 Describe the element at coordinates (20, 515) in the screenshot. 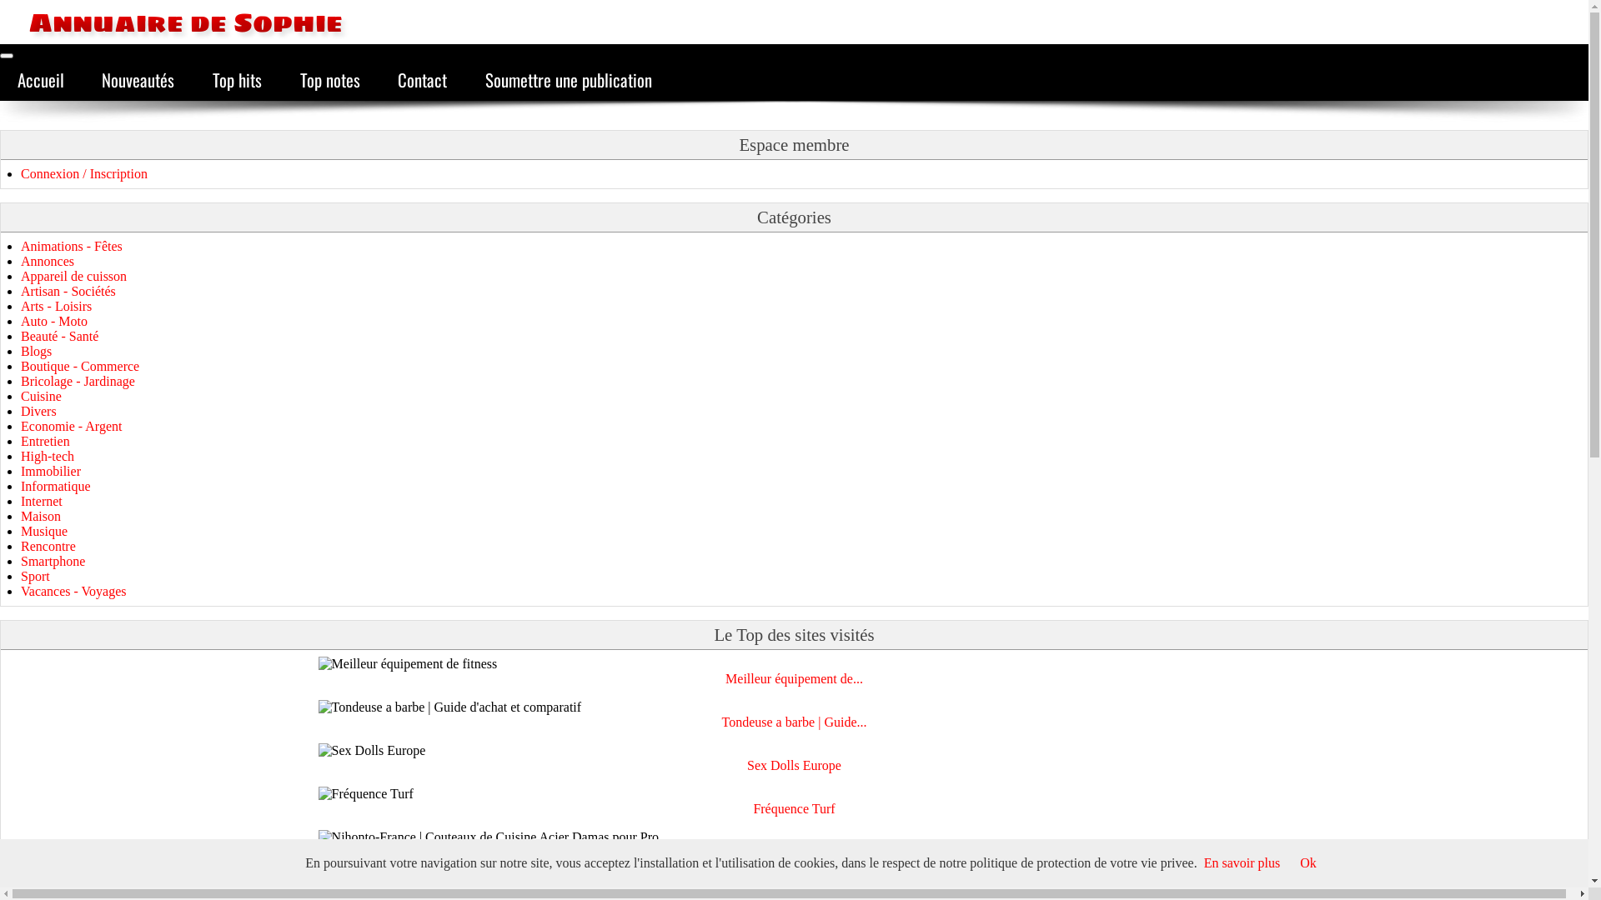

I see `'Maison'` at that location.